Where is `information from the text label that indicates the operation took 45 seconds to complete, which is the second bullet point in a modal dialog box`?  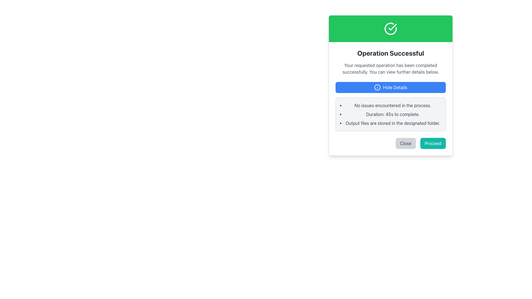 information from the text label that indicates the operation took 45 seconds to complete, which is the second bullet point in a modal dialog box is located at coordinates (392, 114).